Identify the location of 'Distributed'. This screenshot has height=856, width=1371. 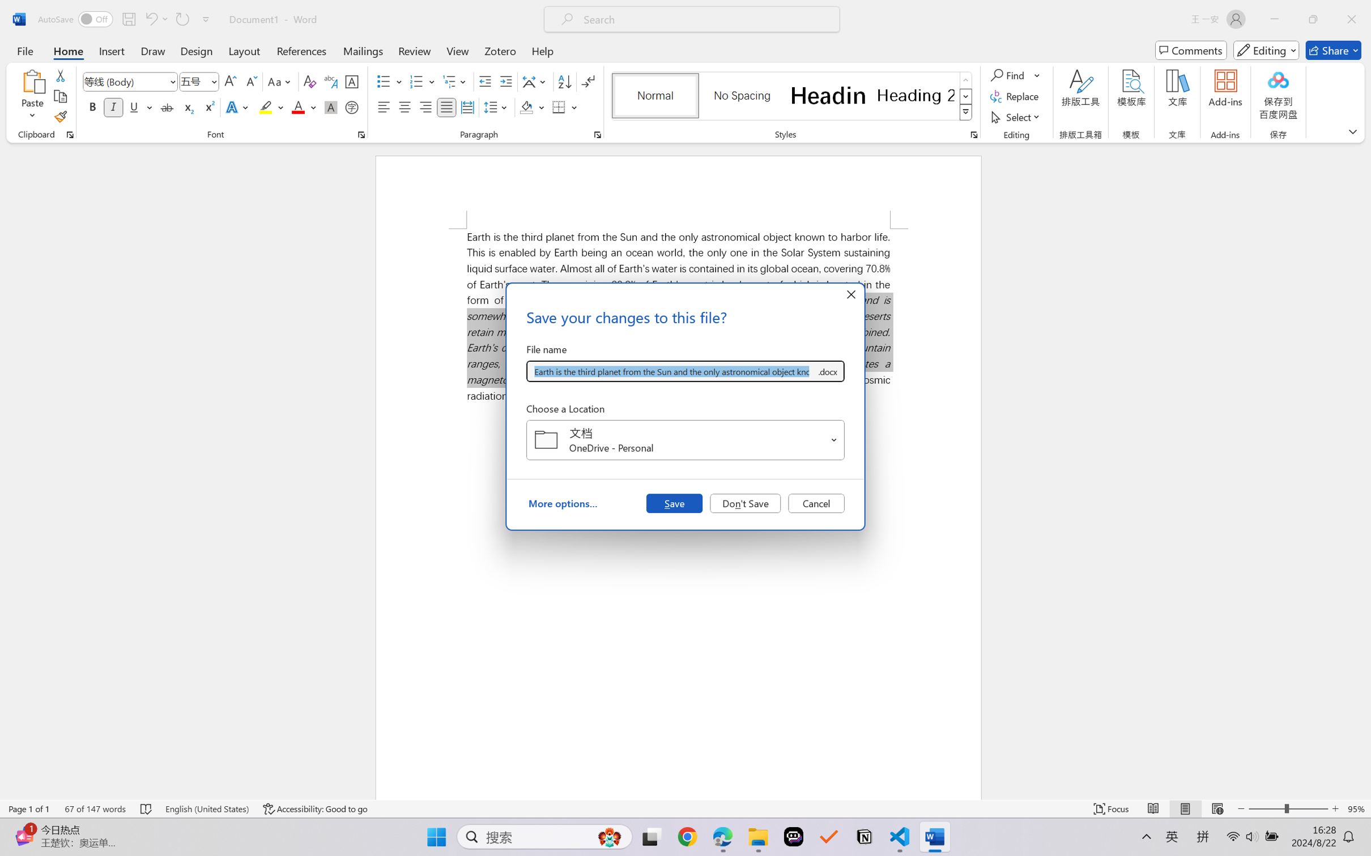
(466, 106).